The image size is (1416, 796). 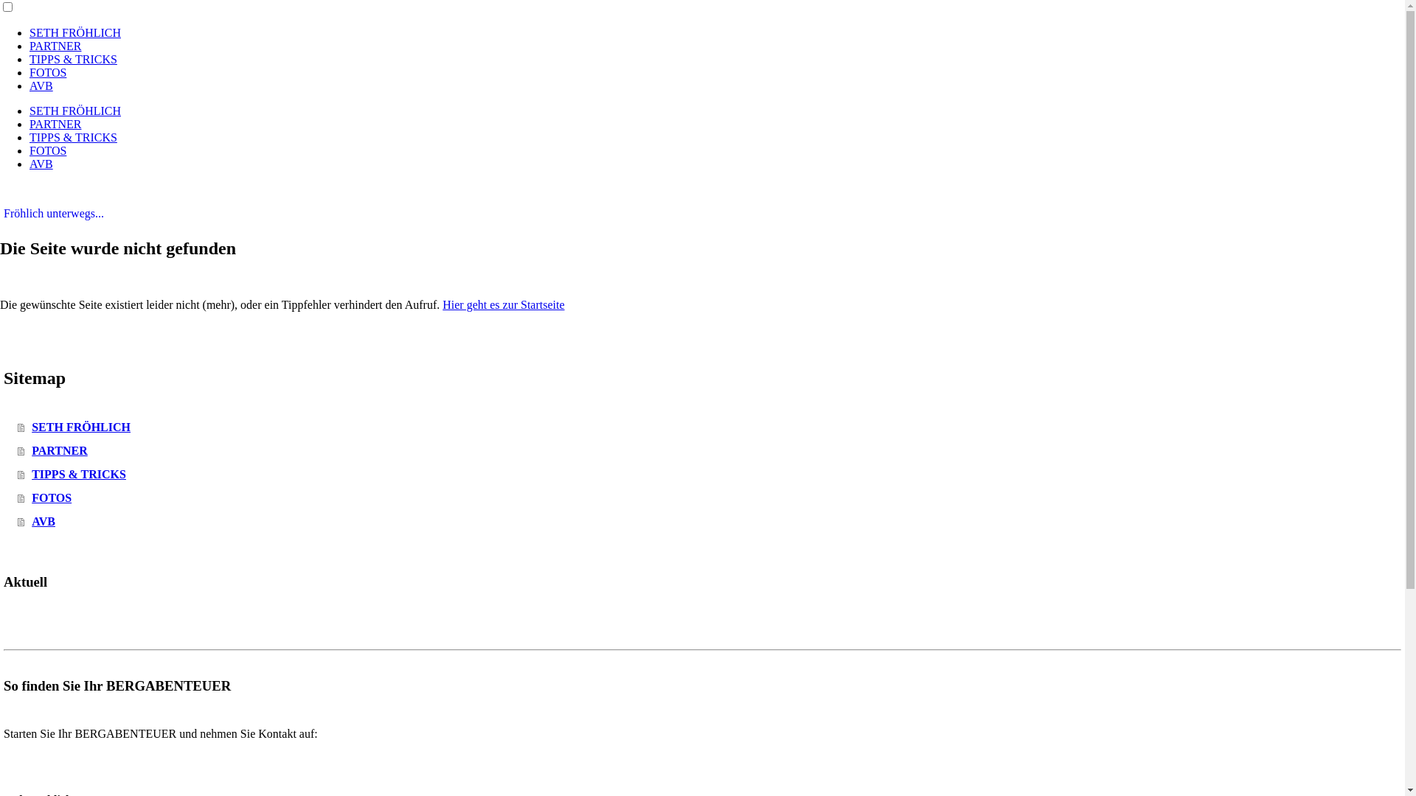 I want to click on 'Hier geht es zur Startseite', so click(x=503, y=304).